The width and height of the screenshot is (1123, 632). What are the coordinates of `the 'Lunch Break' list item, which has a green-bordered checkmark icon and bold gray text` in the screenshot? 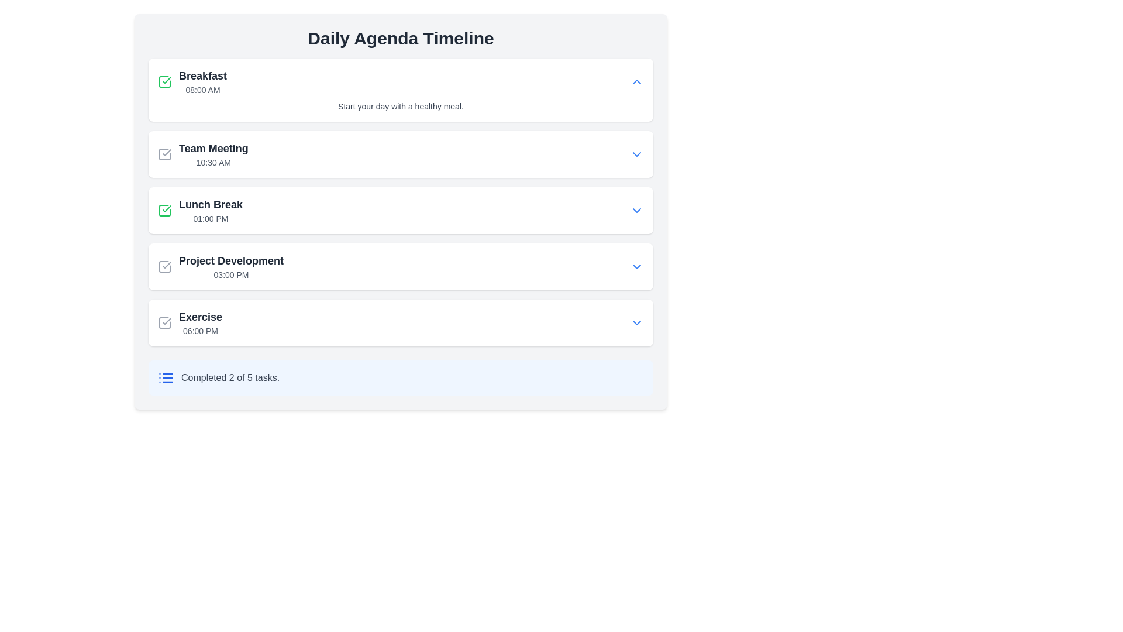 It's located at (200, 209).